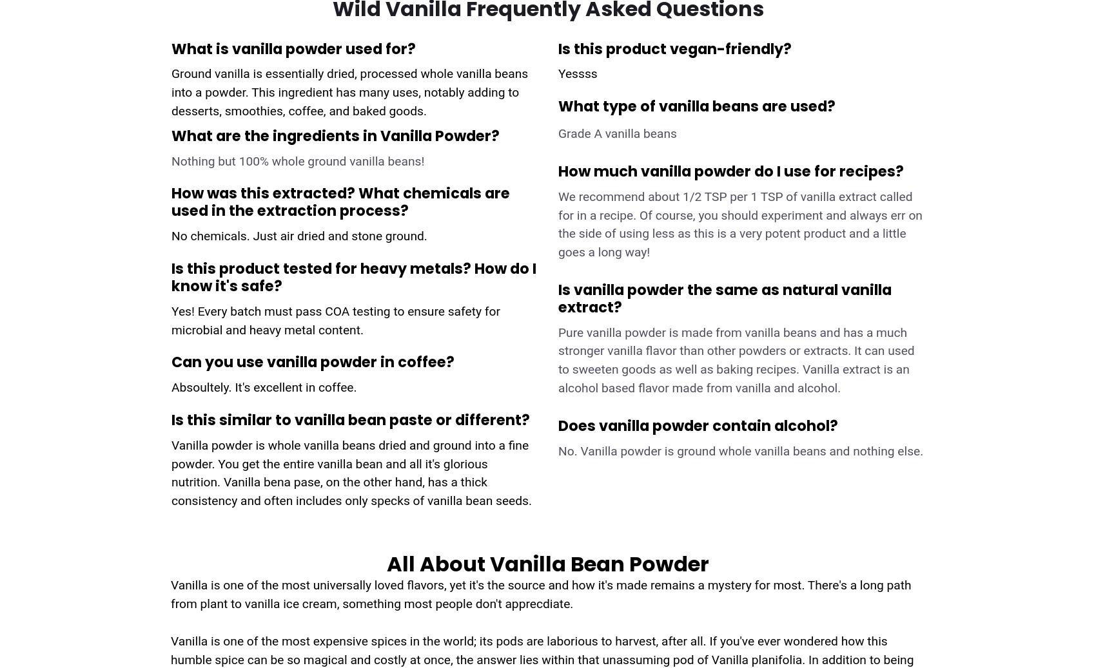 The width and height of the screenshot is (1096, 668). What do you see at coordinates (293, 47) in the screenshot?
I see `'What is vanilla powder used for?'` at bounding box center [293, 47].